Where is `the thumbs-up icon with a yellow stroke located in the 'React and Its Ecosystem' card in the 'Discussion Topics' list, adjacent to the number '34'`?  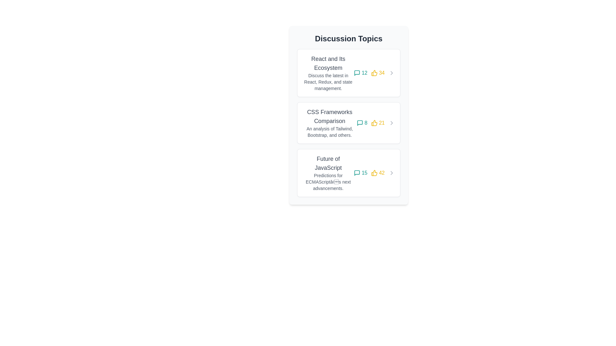 the thumbs-up icon with a yellow stroke located in the 'React and Its Ecosystem' card in the 'Discussion Topics' list, adjacent to the number '34' is located at coordinates (374, 72).